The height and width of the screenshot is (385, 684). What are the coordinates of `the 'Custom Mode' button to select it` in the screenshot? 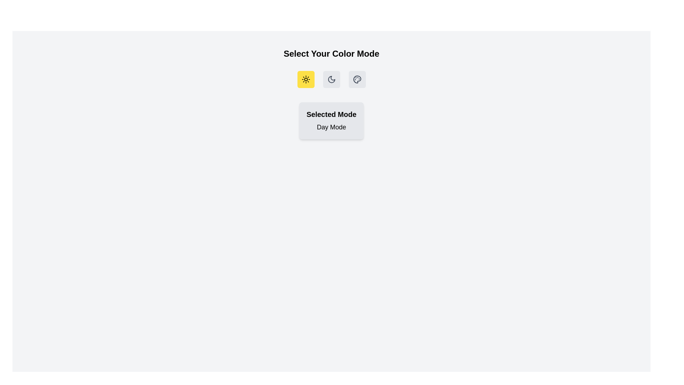 It's located at (357, 79).